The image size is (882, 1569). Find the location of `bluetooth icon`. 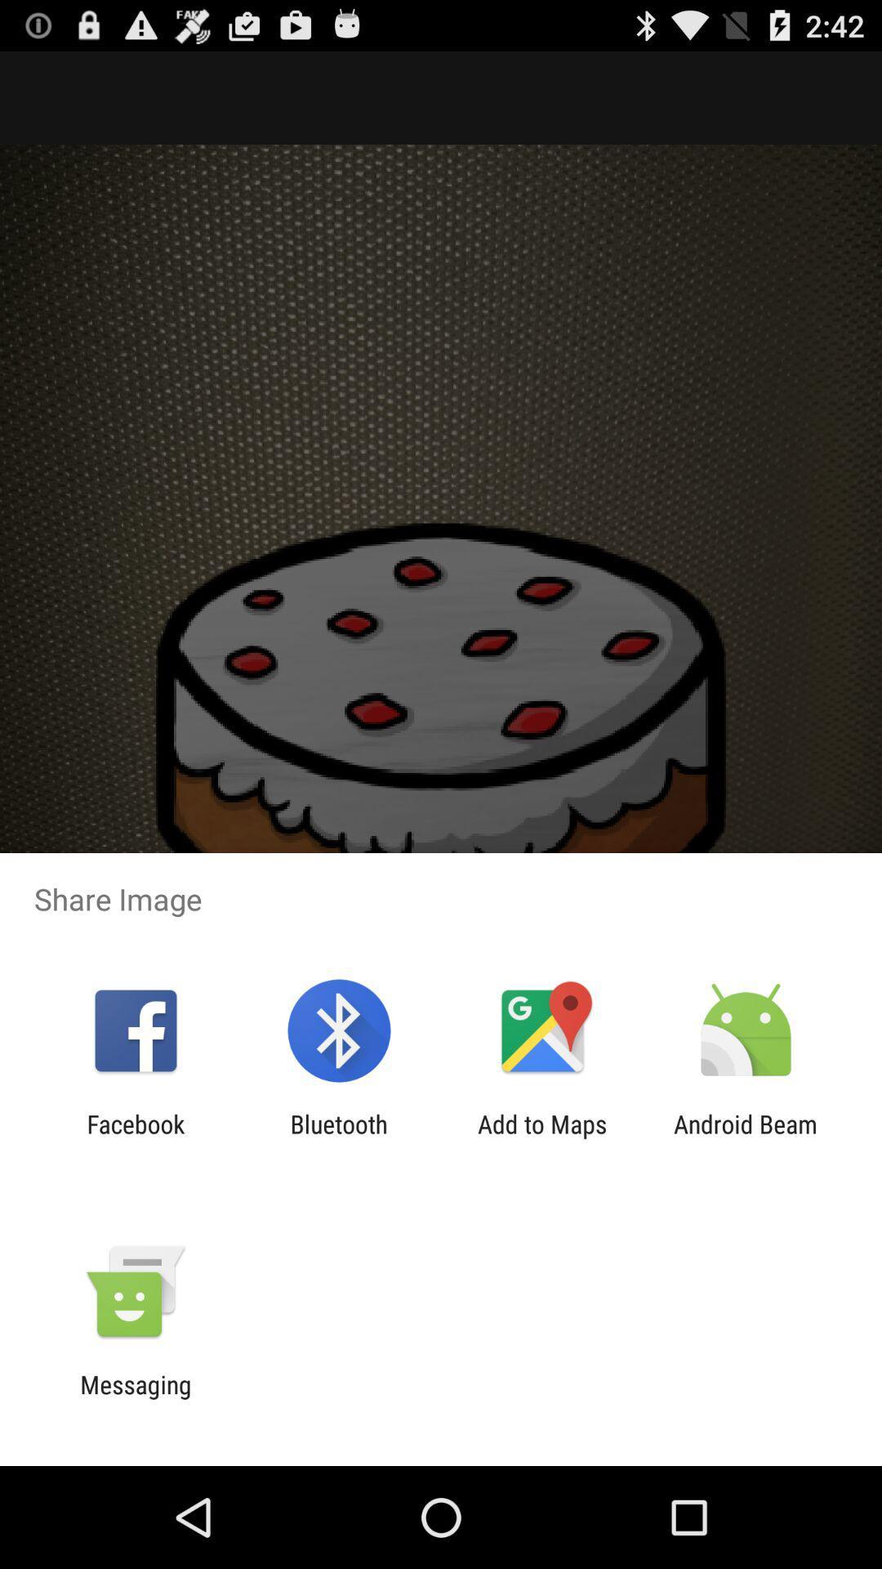

bluetooth icon is located at coordinates (338, 1138).